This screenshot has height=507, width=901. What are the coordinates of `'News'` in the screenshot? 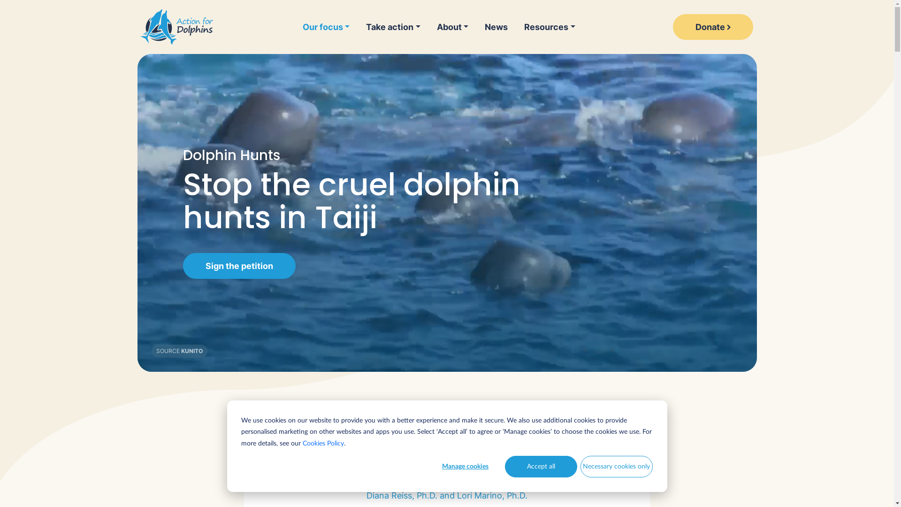 It's located at (496, 26).